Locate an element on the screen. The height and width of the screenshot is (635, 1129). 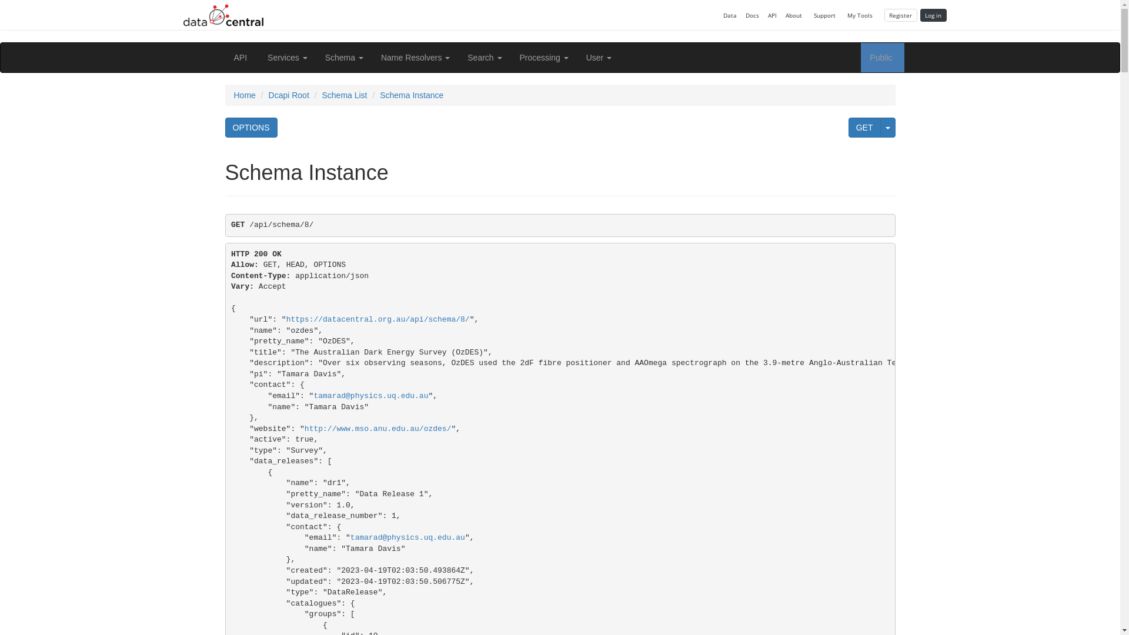
'Processing' is located at coordinates (543, 57).